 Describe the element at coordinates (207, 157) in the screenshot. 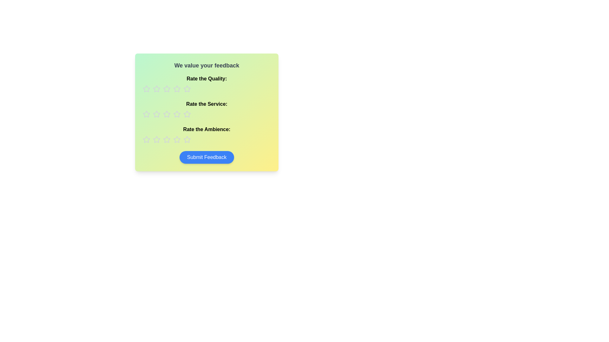

I see `the 'Submit Feedback' button, which has a blue background and white text, located beneath the rating stars` at that location.